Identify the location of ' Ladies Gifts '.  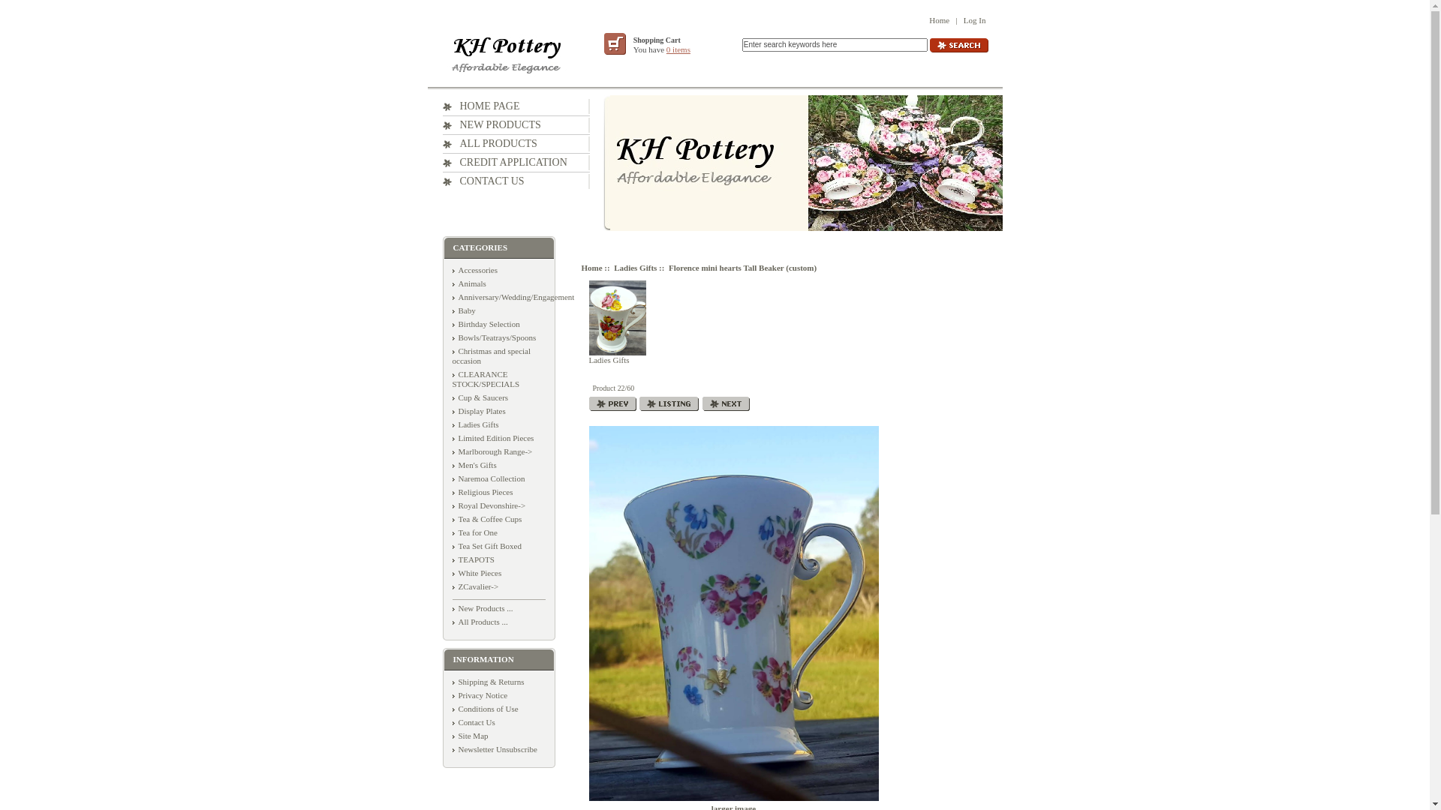
(616, 317).